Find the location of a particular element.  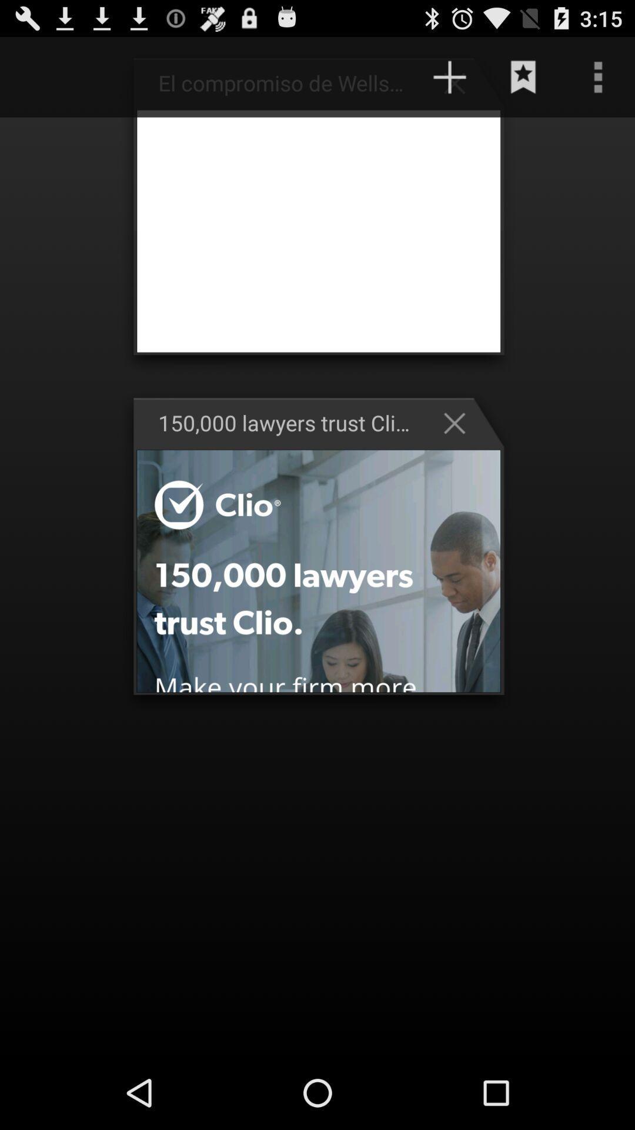

the cross mark button is located at coordinates (460, 423).